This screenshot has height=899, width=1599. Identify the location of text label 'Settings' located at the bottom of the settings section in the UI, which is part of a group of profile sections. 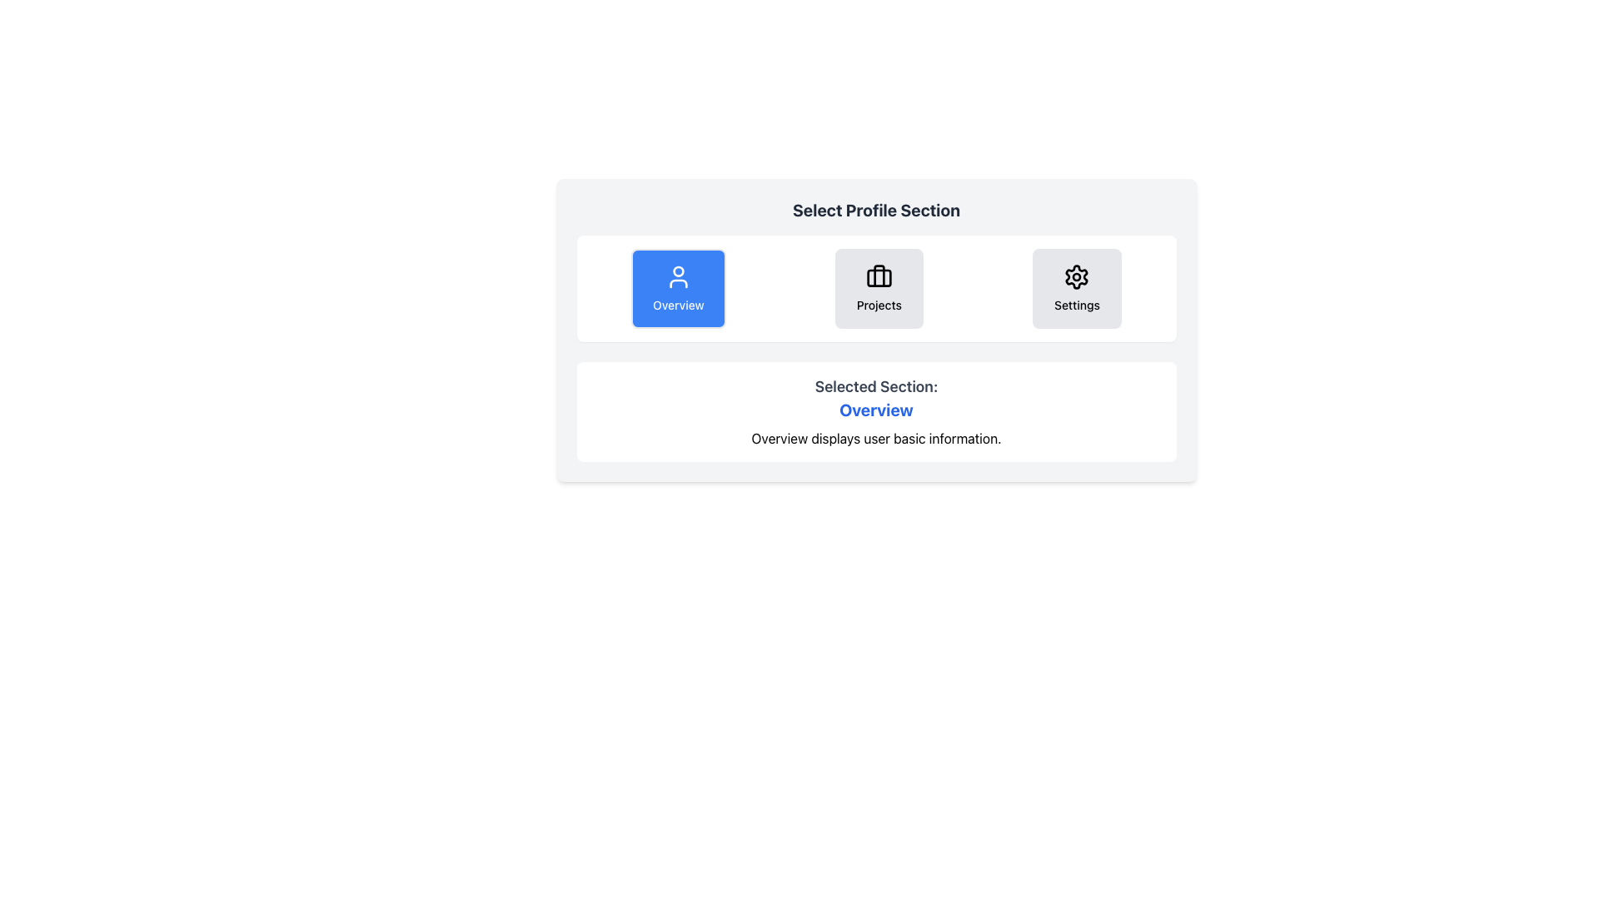
(1077, 305).